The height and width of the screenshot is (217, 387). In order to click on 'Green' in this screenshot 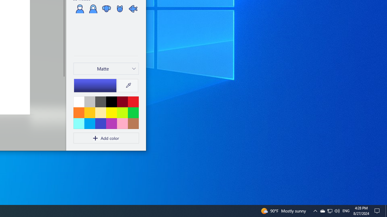, I will do `click(133, 112)`.